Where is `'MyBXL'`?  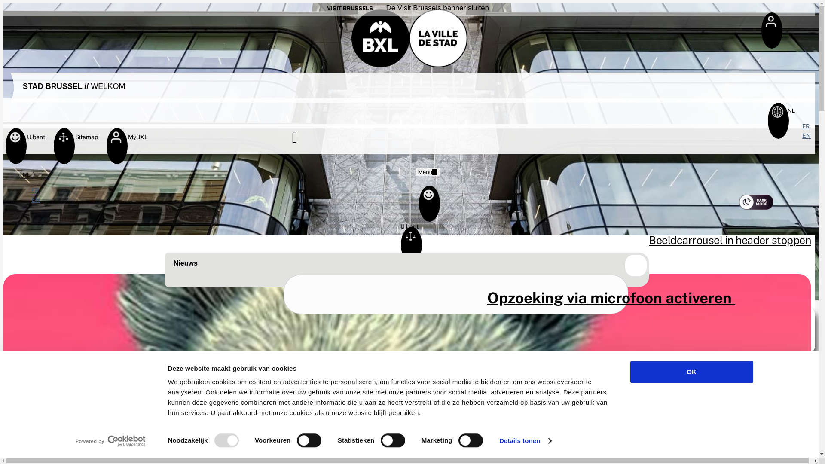 'MyBXL' is located at coordinates (116, 140).